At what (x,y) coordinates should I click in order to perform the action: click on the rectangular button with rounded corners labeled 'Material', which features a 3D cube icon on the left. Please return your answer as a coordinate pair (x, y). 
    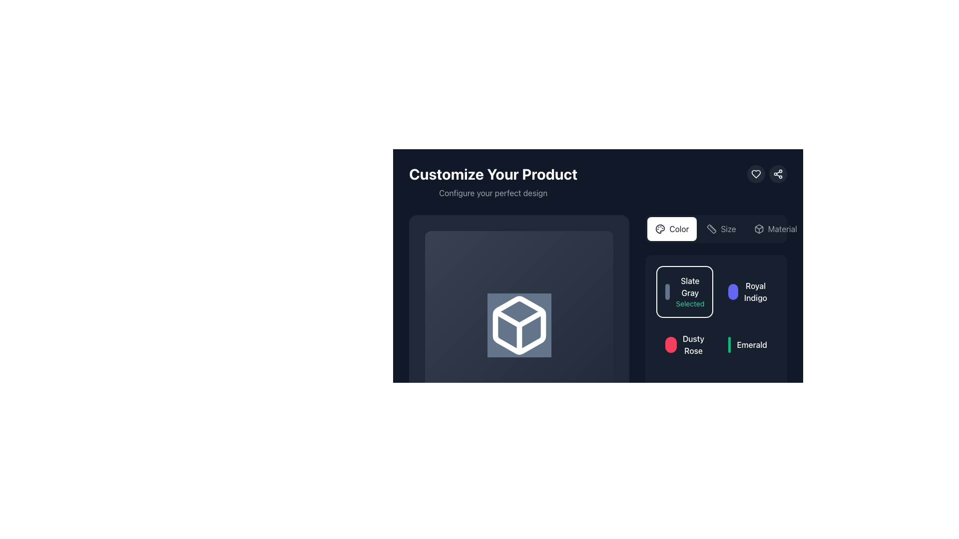
    Looking at the image, I should click on (775, 229).